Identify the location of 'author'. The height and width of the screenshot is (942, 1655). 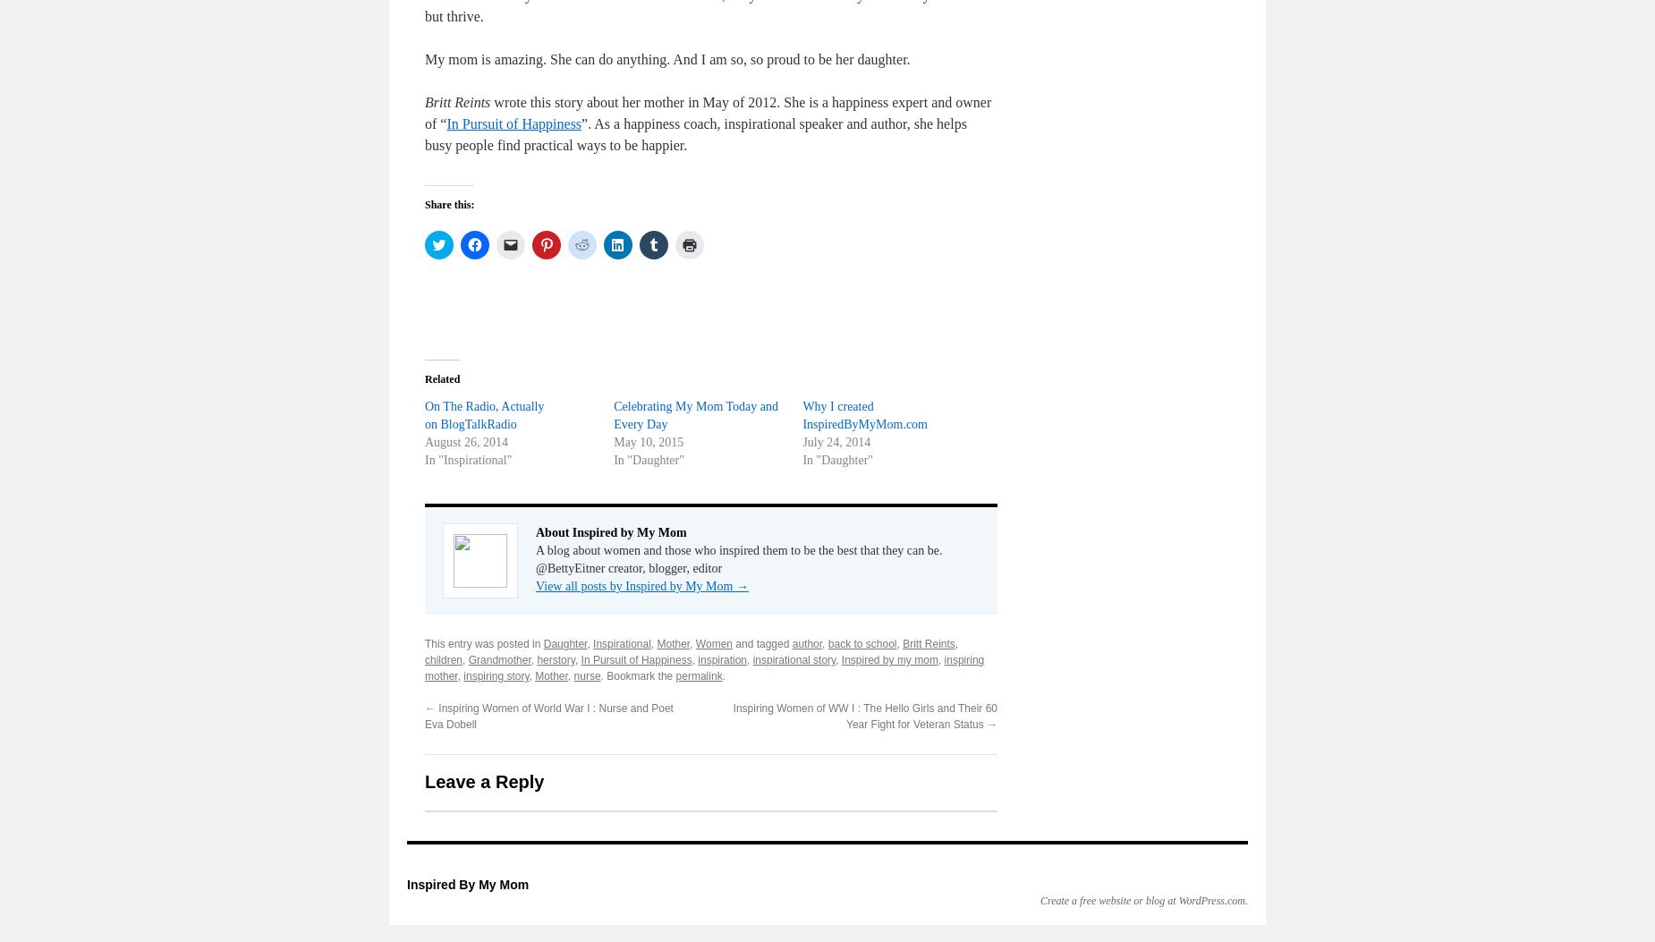
(807, 643).